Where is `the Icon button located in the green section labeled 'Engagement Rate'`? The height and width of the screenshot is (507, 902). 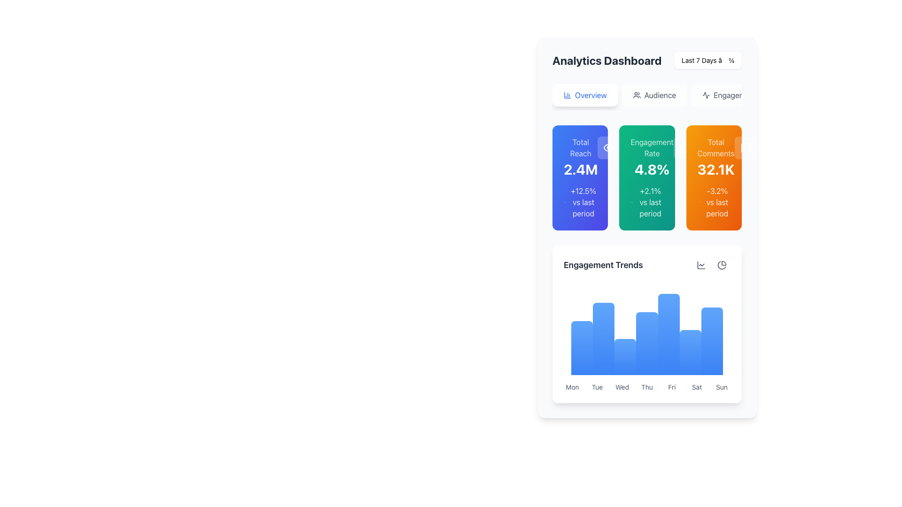 the Icon button located in the green section labeled 'Engagement Rate' is located at coordinates (684, 148).